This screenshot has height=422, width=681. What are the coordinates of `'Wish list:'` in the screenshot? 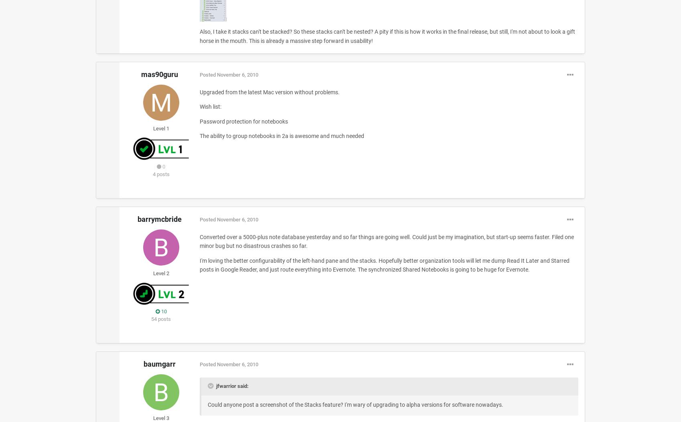 It's located at (210, 107).